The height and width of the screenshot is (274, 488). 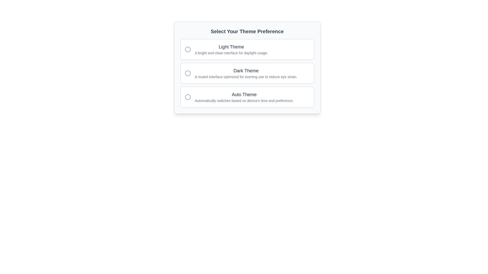 What do you see at coordinates (187, 73) in the screenshot?
I see `the interactive indicator for selecting the 'Dark Theme' option, located to the left of the 'Dark Theme' text in the theme selection list` at bounding box center [187, 73].